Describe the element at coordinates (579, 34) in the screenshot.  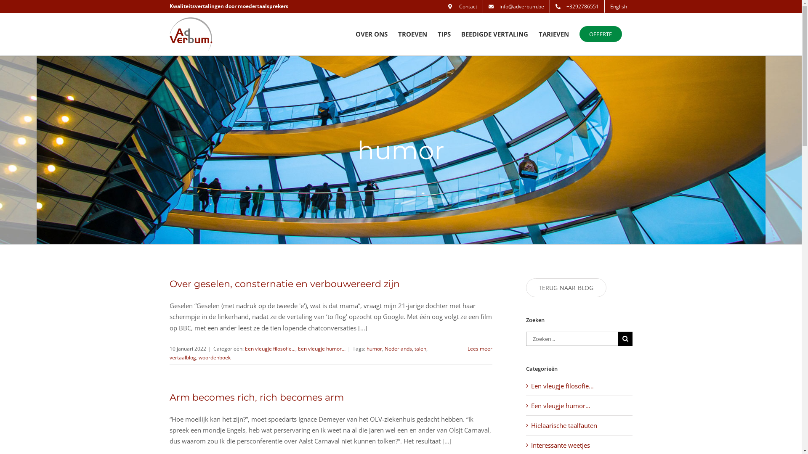
I see `'OFFERTE'` at that location.